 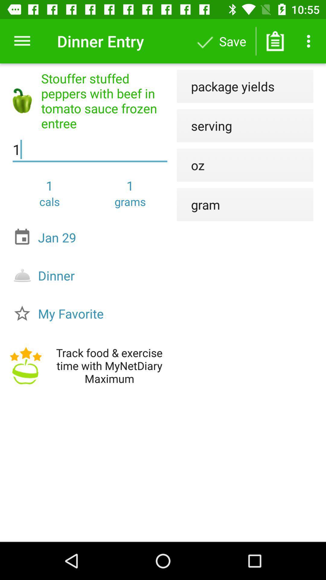 I want to click on icon above   gram icon, so click(x=190, y=165).